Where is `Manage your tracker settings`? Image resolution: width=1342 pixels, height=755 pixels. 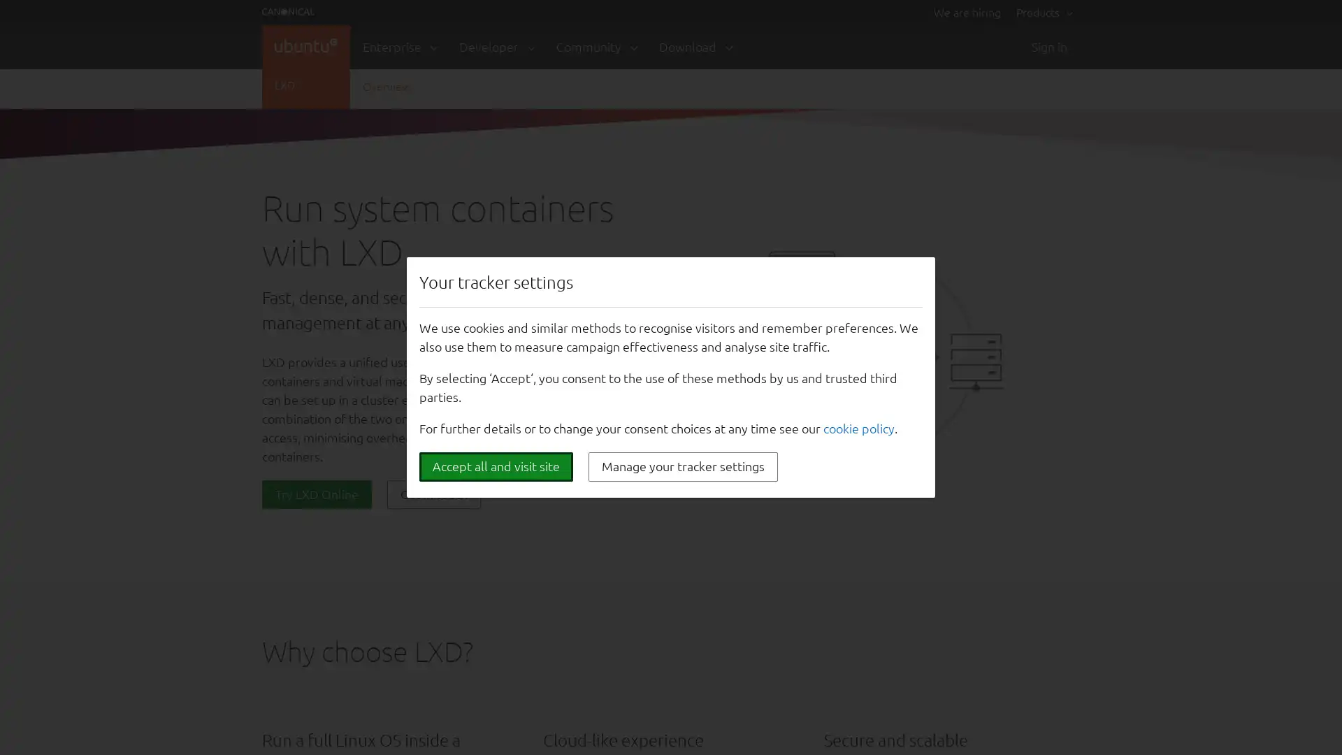
Manage your tracker settings is located at coordinates (683, 466).